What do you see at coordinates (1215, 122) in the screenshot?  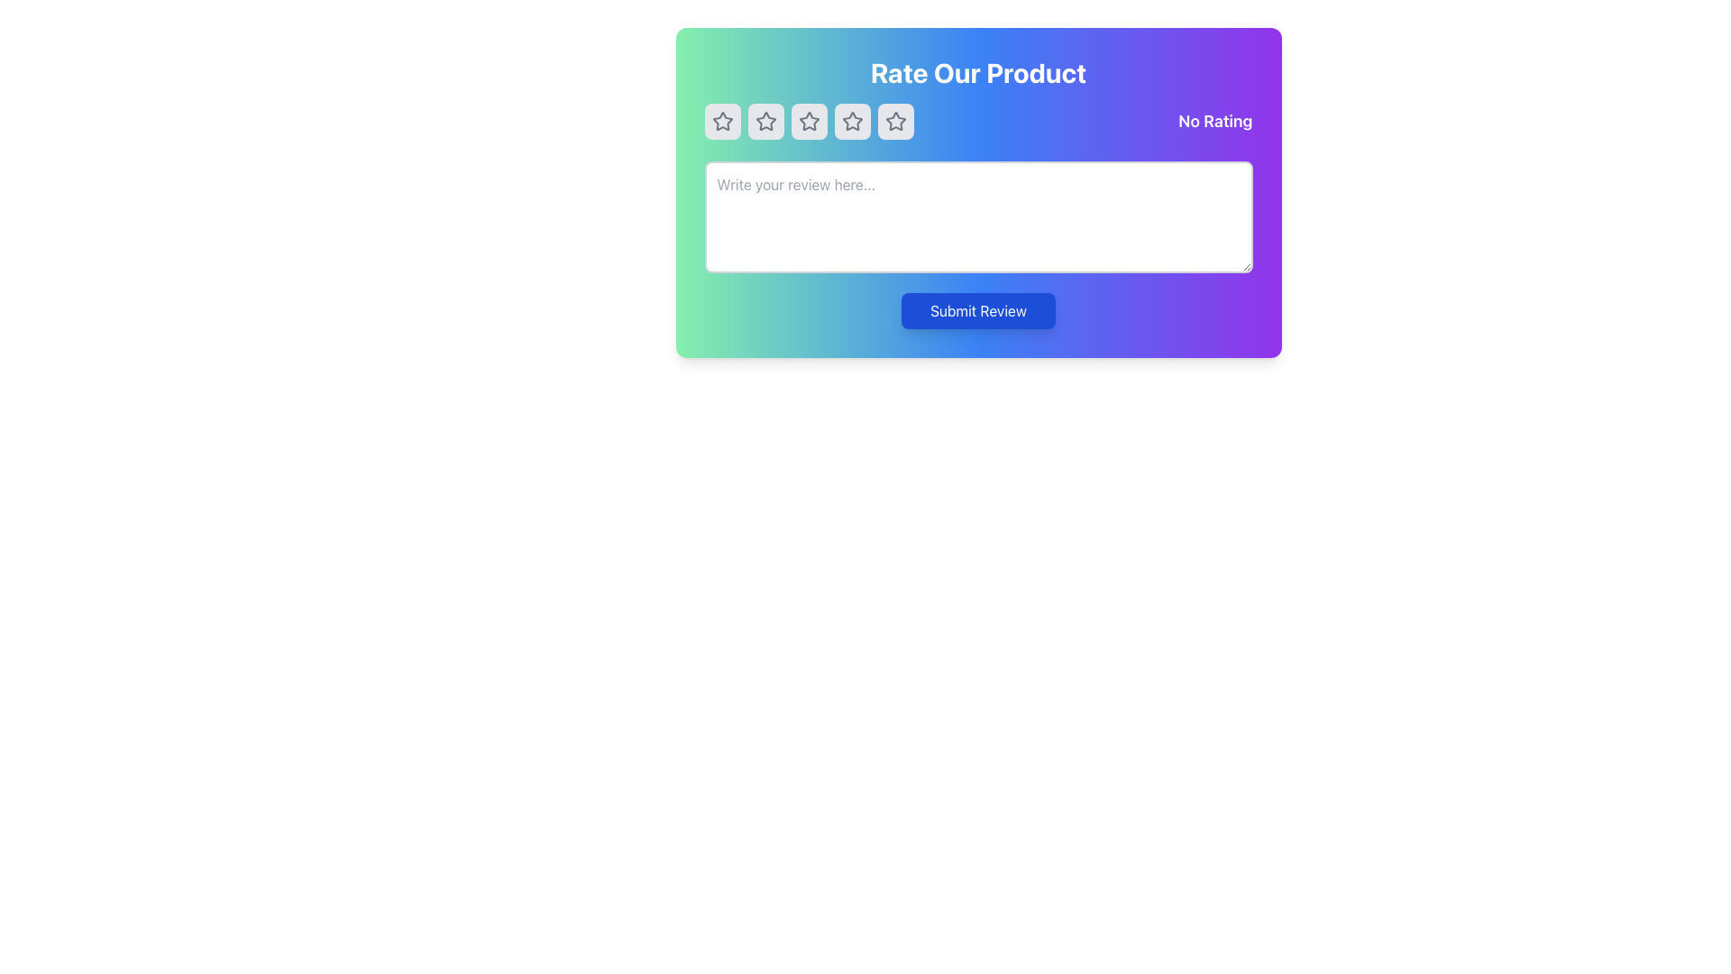 I see `the 'No Rating' text label styled with white text in a bold, modern font located in the upper right area of the review panel` at bounding box center [1215, 122].